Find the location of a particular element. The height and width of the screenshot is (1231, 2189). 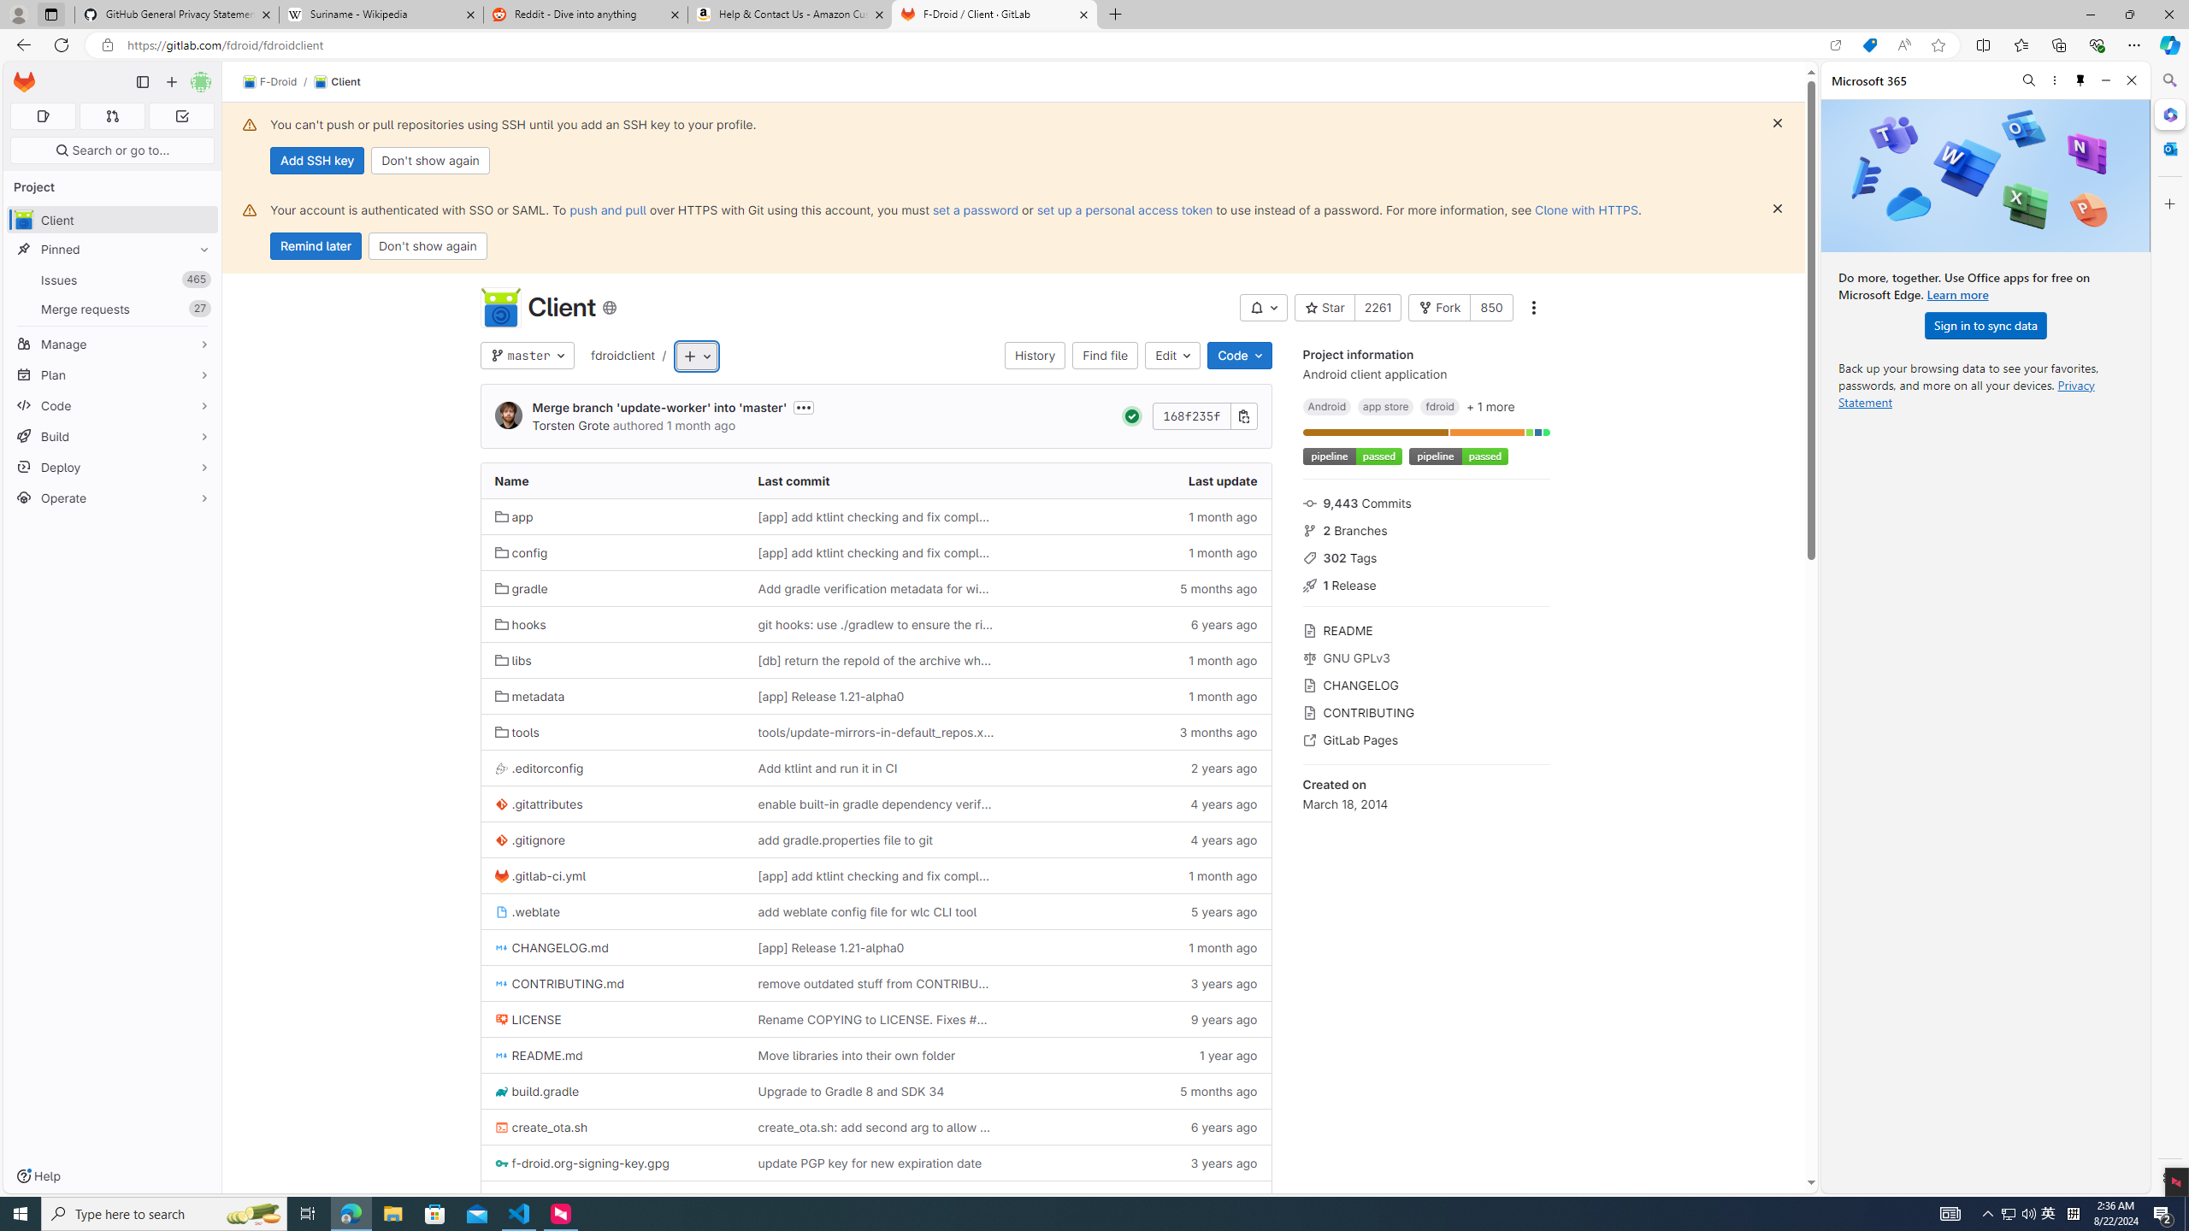

'Merge requests27' is located at coordinates (111, 308).